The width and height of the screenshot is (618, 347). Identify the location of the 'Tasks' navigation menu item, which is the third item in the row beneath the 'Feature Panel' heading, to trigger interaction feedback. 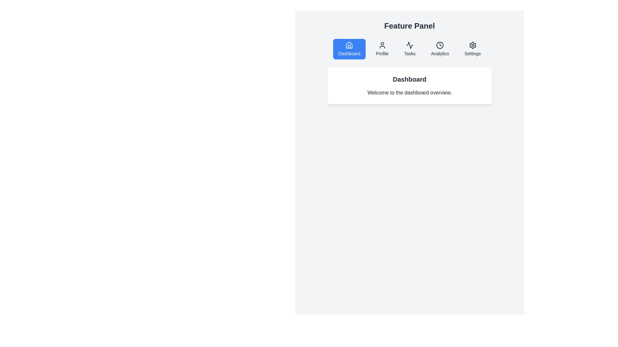
(409, 49).